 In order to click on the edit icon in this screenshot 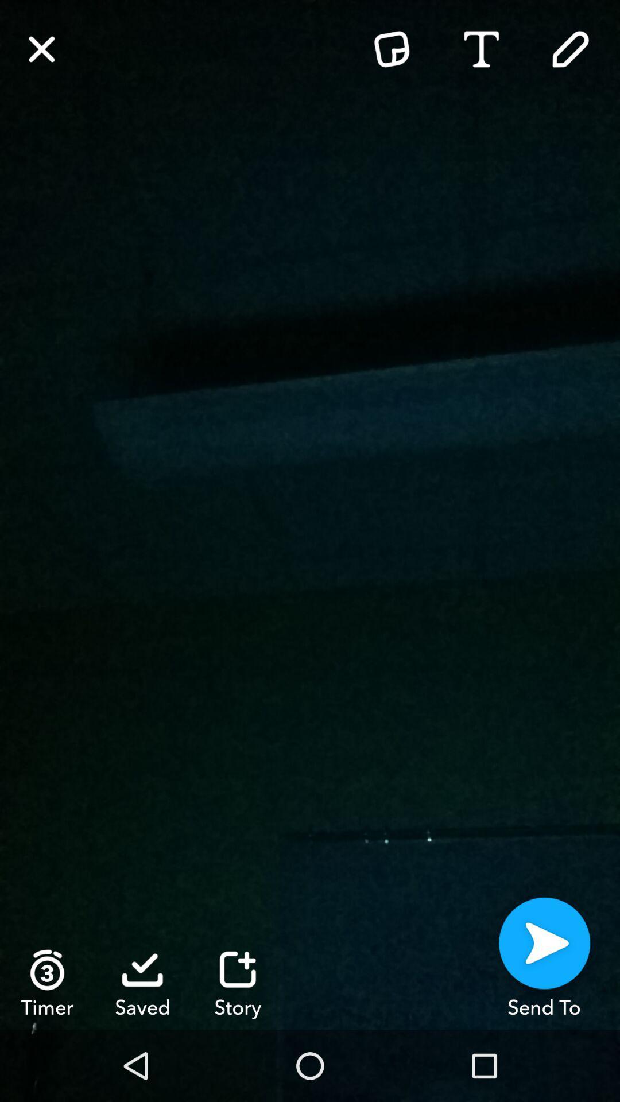, I will do `click(571, 48)`.